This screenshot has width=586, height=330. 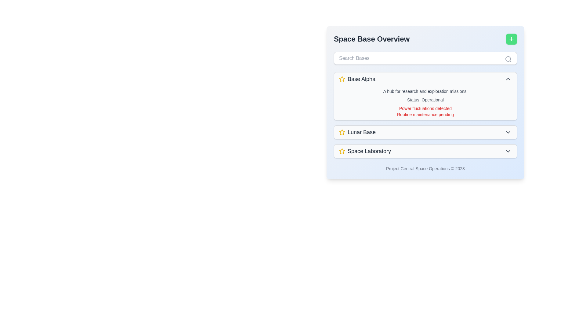 I want to click on the minimalistic gray magnifying glass SVG icon located in the top-right corner of the 'Search Bases' input field, so click(x=508, y=59).